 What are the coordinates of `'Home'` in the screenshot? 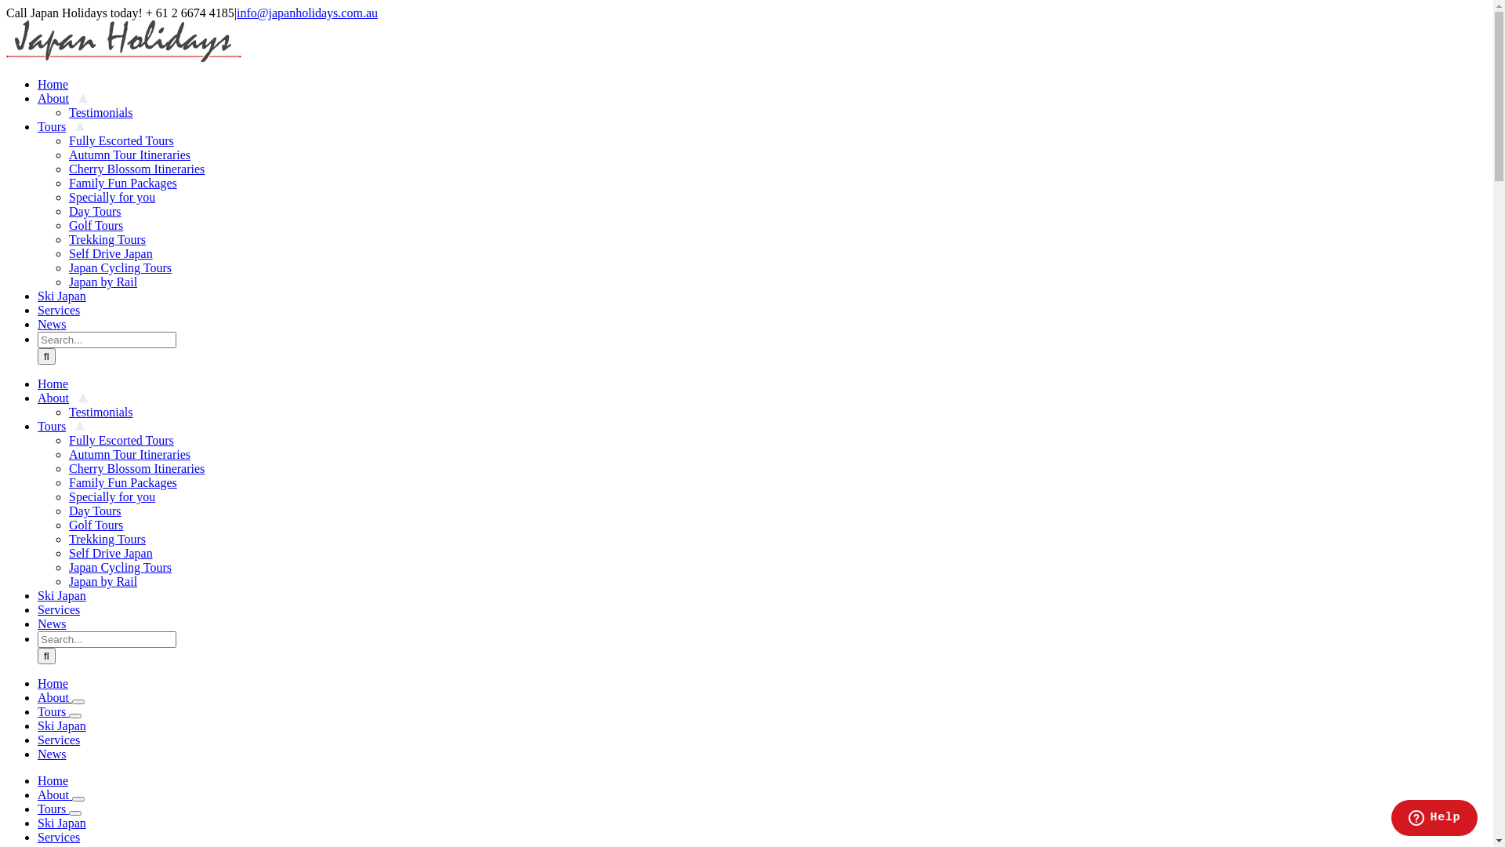 It's located at (53, 780).